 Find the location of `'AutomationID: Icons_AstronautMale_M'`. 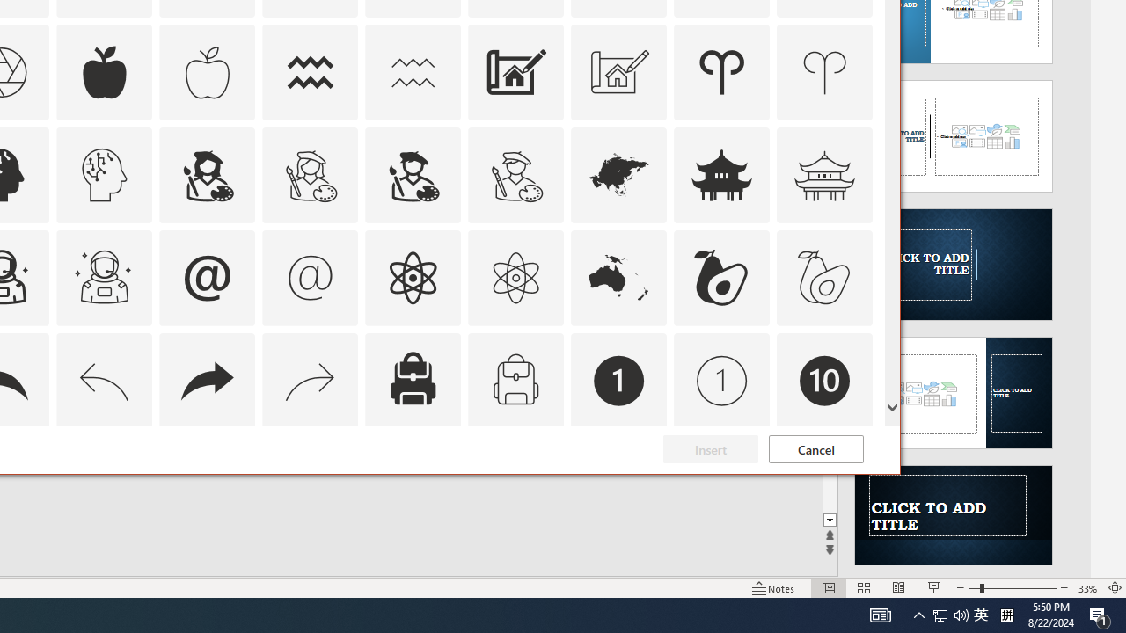

'AutomationID: Icons_AstronautMale_M' is located at coordinates (104, 277).